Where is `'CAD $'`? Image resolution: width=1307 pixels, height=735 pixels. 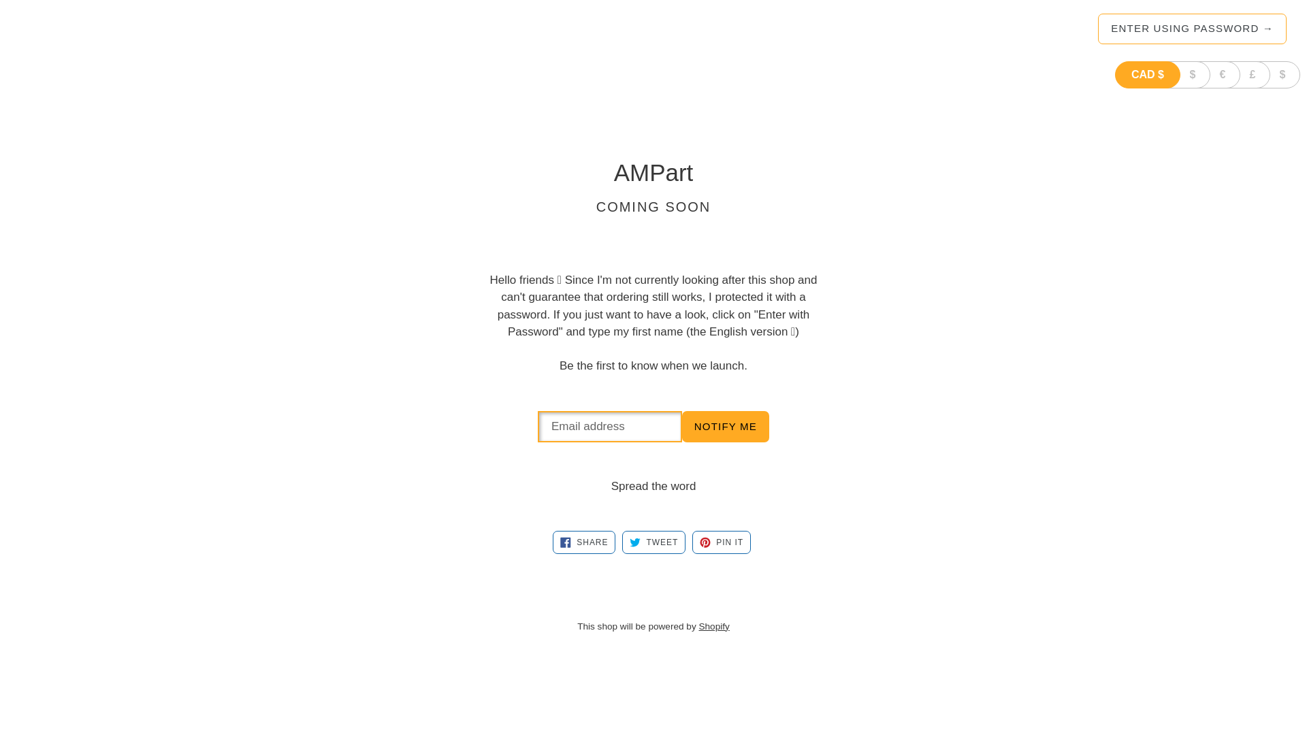 'CAD $' is located at coordinates (1146, 75).